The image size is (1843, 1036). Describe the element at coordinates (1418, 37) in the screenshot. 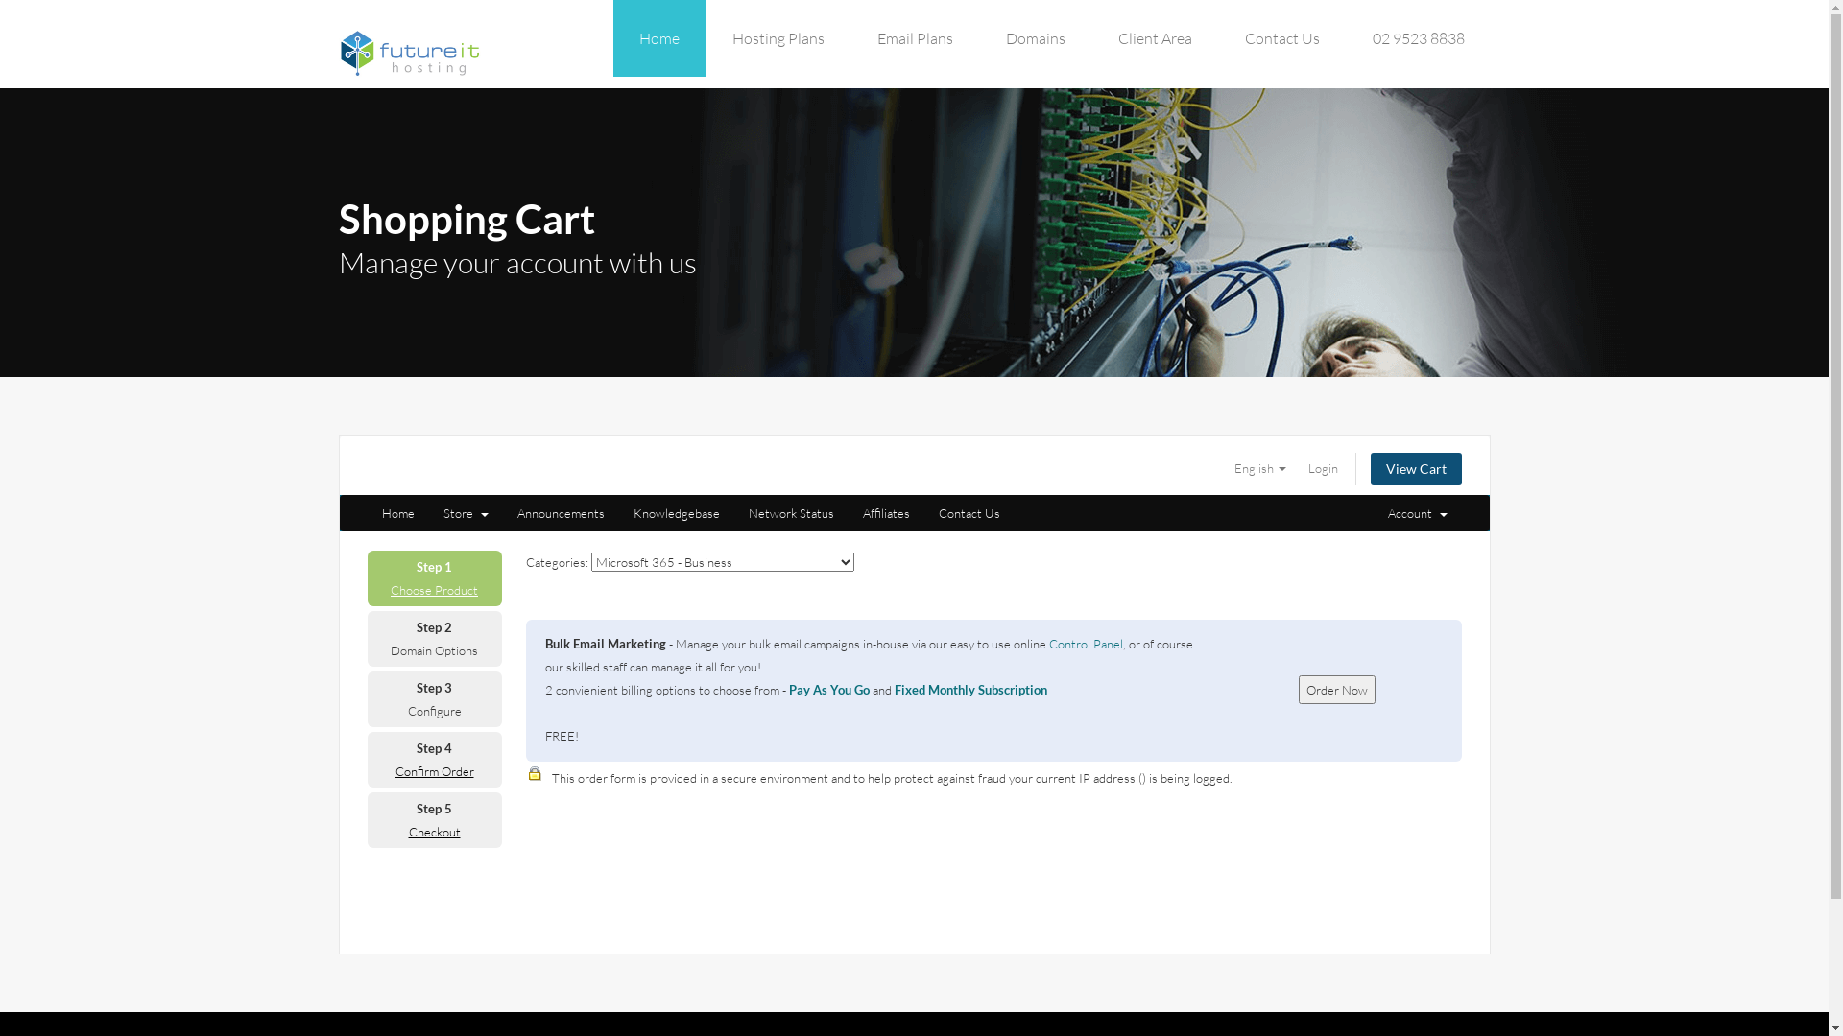

I see `'02 9523 8838'` at that location.